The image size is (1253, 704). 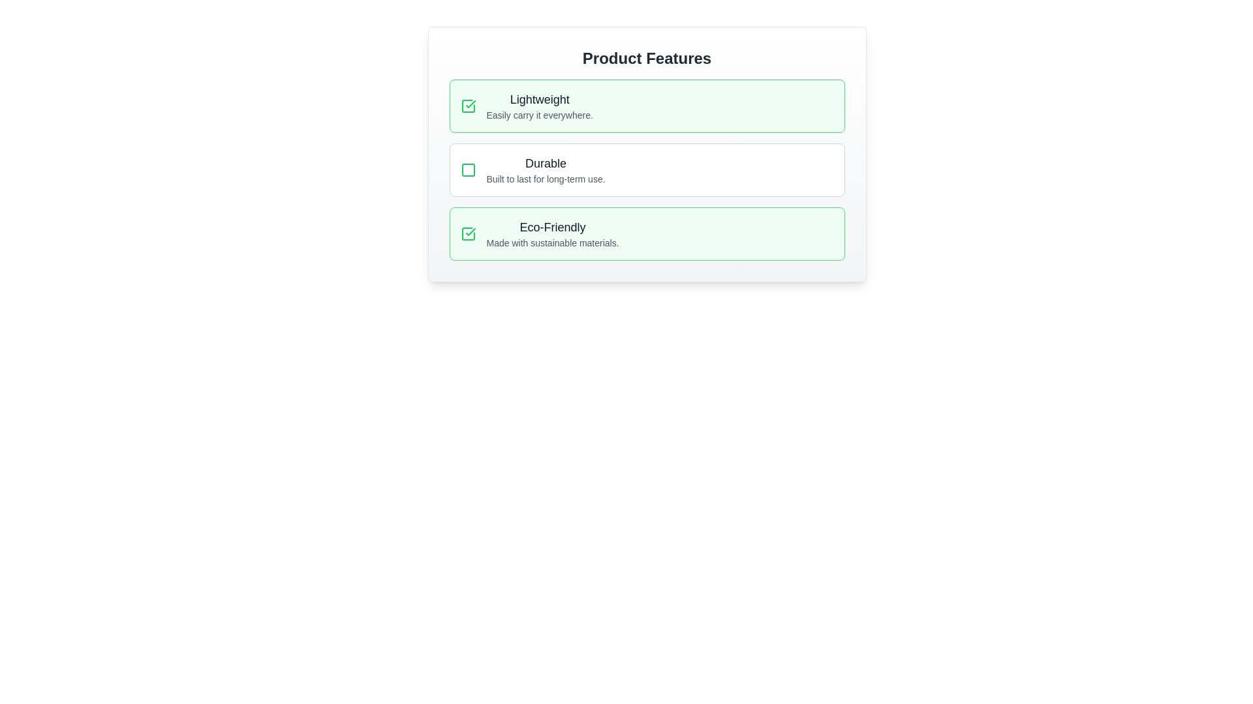 I want to click on the center of the second Informational Card in the 'Product Features' group to focus on the feature details, so click(x=647, y=153).